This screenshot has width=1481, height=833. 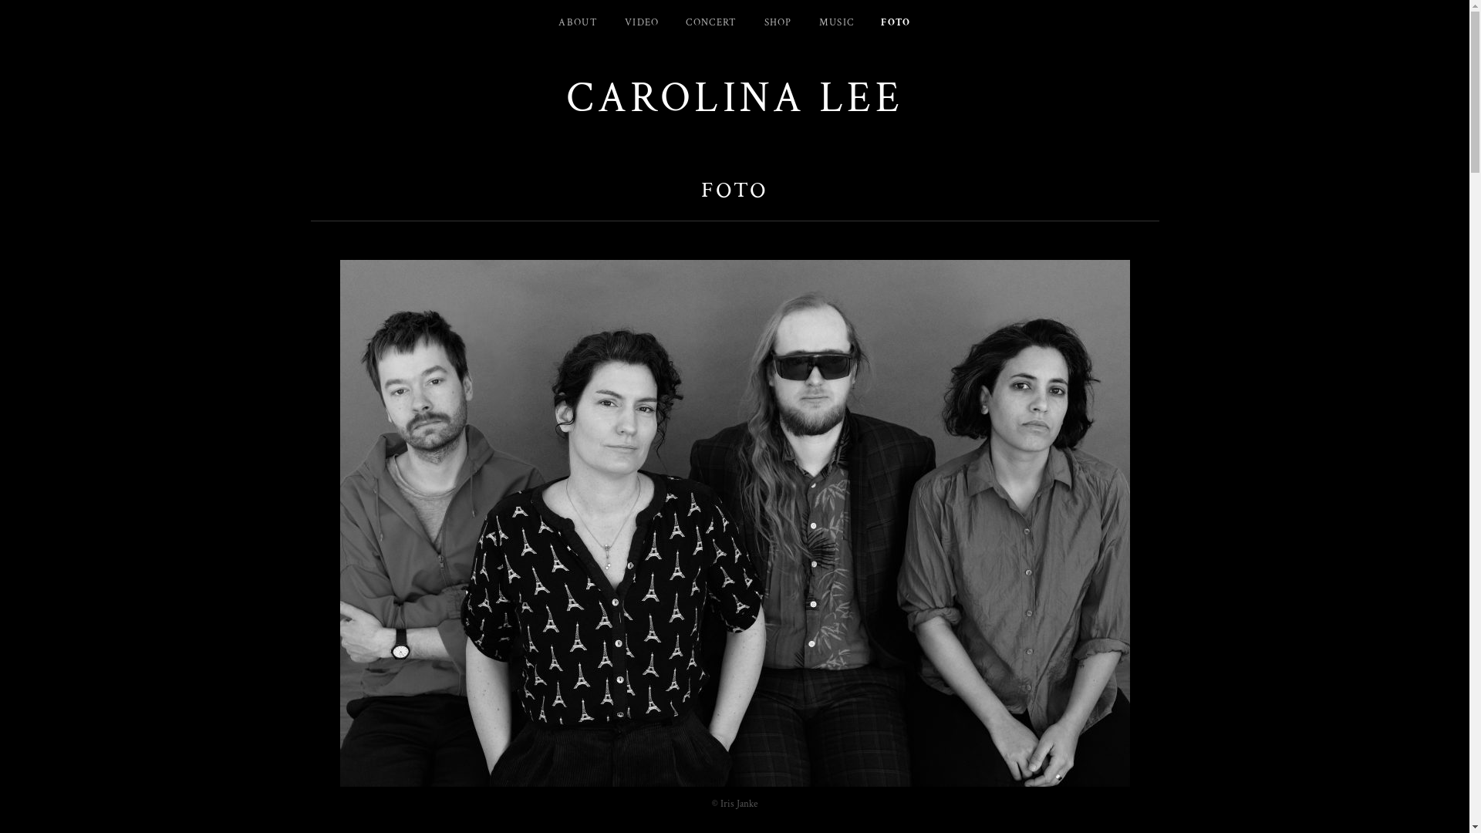 What do you see at coordinates (734, 98) in the screenshot?
I see `'CAROLINA LEE'` at bounding box center [734, 98].